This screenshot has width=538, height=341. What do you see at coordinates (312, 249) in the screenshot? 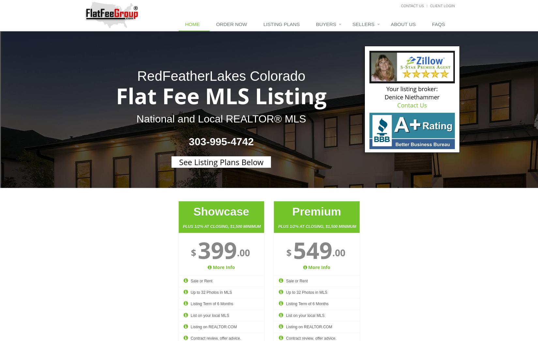
I see `'549'` at bounding box center [312, 249].